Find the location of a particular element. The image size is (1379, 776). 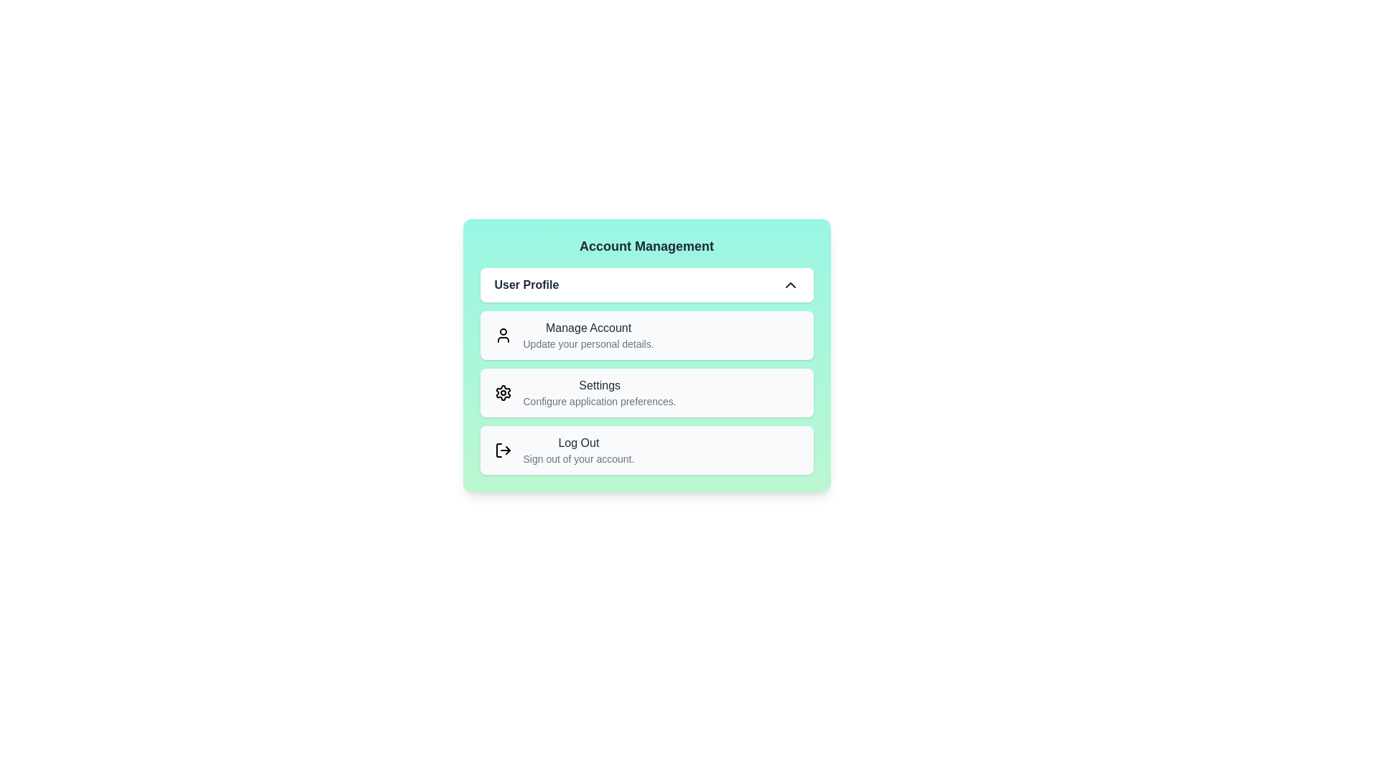

the dropdown button to toggle the menu visibility is located at coordinates (789, 285).